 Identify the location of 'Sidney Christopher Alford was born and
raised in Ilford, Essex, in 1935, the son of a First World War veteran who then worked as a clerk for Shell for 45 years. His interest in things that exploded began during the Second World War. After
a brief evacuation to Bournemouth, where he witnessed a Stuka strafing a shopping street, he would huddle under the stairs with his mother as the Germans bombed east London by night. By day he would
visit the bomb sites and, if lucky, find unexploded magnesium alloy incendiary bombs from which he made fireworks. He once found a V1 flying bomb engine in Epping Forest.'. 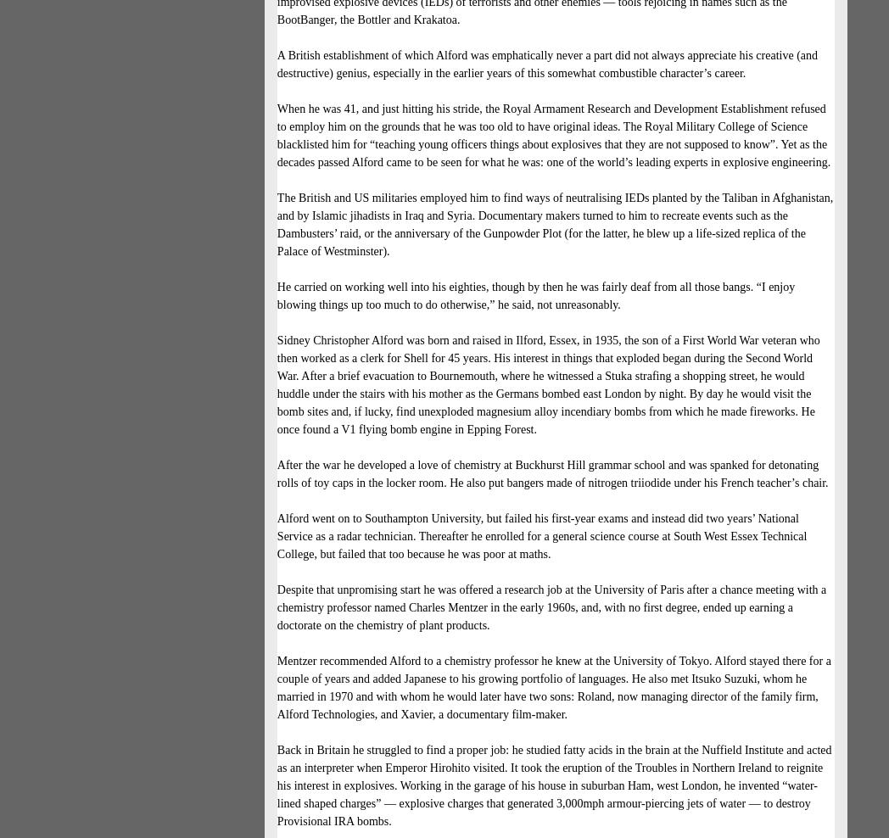
(546, 384).